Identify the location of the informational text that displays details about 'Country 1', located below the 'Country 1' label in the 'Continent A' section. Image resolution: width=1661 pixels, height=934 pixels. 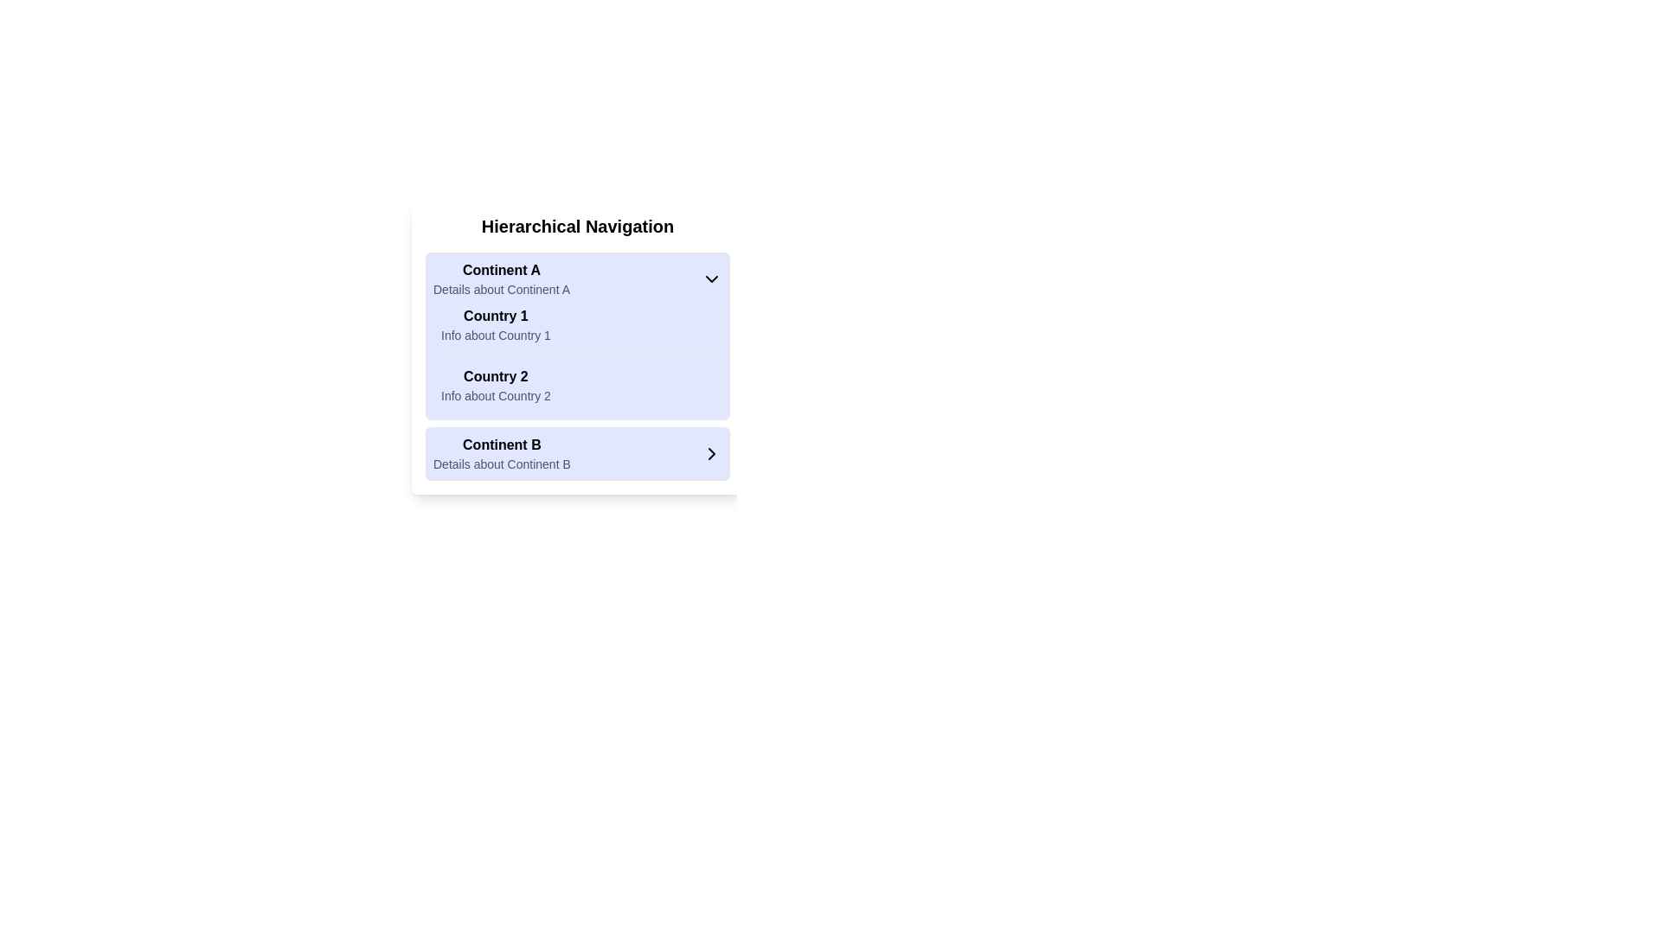
(495, 336).